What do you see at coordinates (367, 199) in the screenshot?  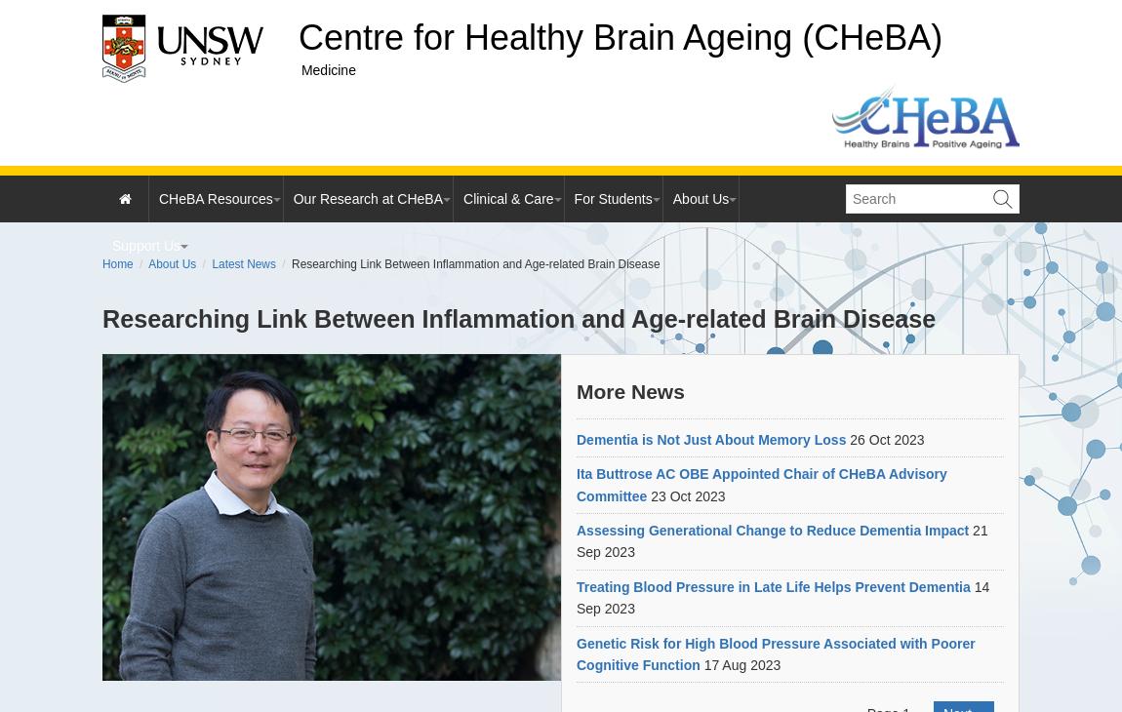 I see `'Our Research at CHeBA'` at bounding box center [367, 199].